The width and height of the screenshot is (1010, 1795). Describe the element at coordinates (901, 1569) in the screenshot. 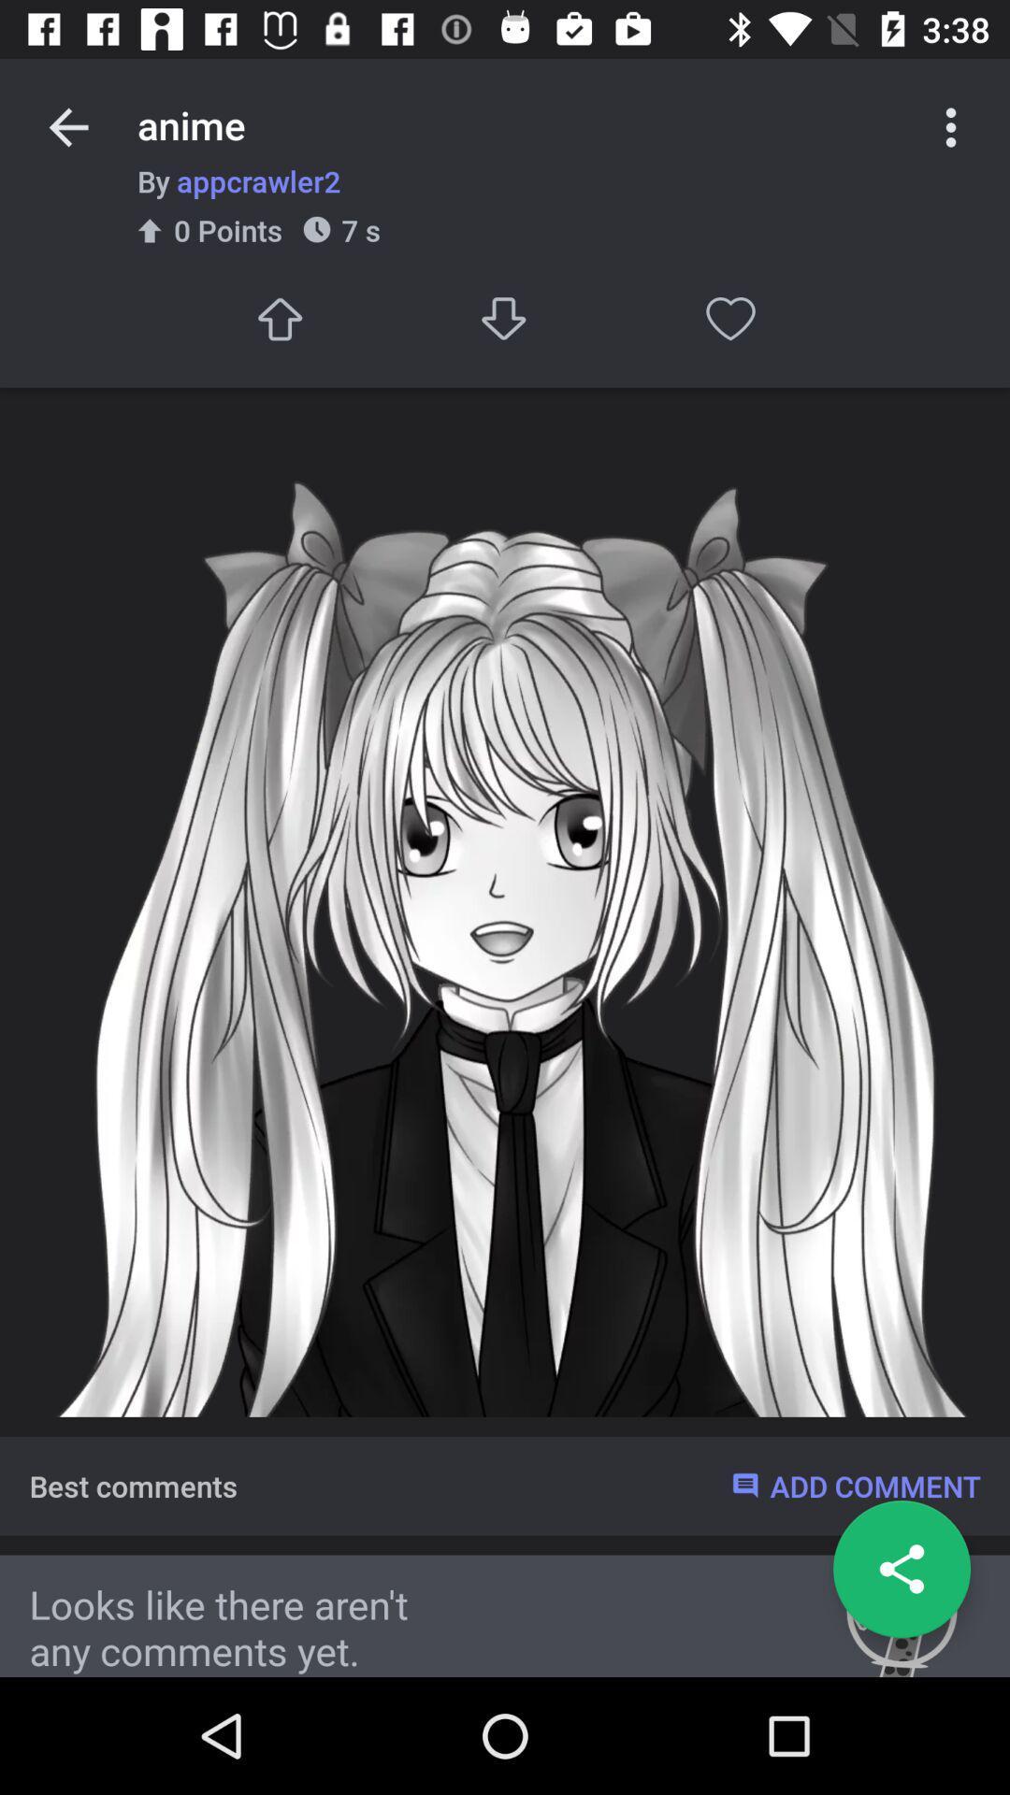

I see `the share icon` at that location.